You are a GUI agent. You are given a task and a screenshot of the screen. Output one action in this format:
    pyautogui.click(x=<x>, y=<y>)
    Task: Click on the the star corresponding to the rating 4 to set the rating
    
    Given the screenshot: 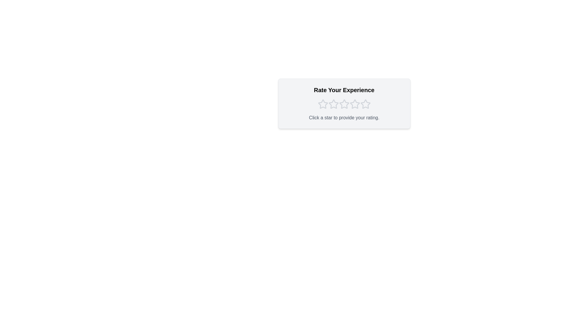 What is the action you would take?
    pyautogui.click(x=354, y=104)
    